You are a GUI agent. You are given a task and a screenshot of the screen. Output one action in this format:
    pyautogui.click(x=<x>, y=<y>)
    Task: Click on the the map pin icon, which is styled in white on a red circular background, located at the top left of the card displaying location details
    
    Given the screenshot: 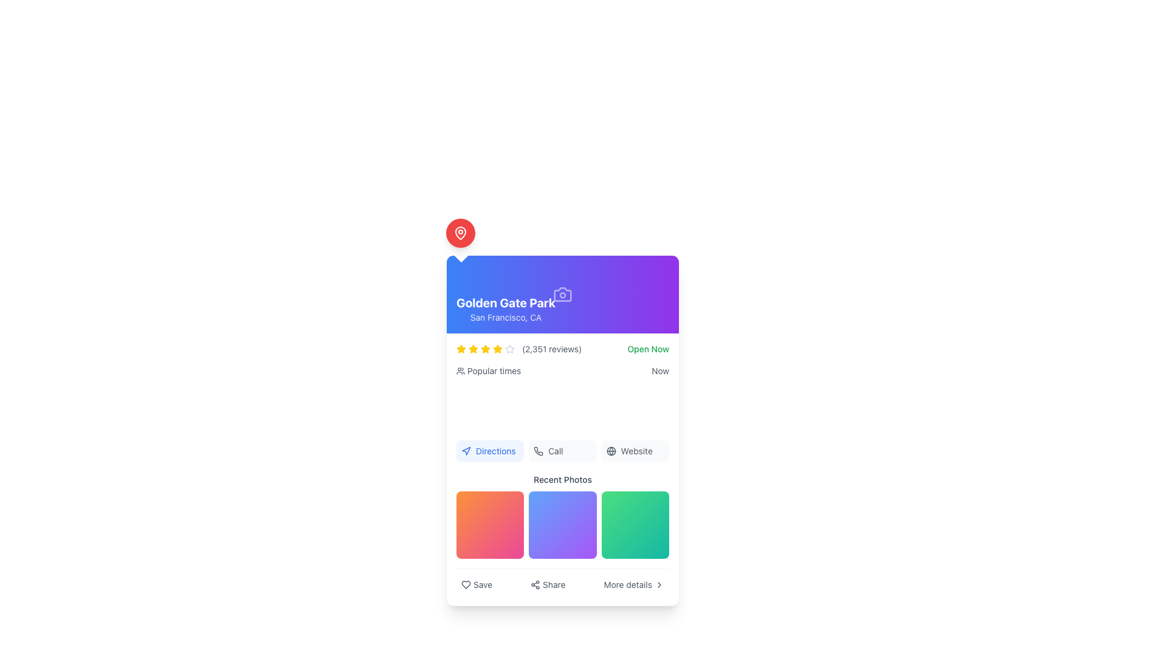 What is the action you would take?
    pyautogui.click(x=460, y=233)
    